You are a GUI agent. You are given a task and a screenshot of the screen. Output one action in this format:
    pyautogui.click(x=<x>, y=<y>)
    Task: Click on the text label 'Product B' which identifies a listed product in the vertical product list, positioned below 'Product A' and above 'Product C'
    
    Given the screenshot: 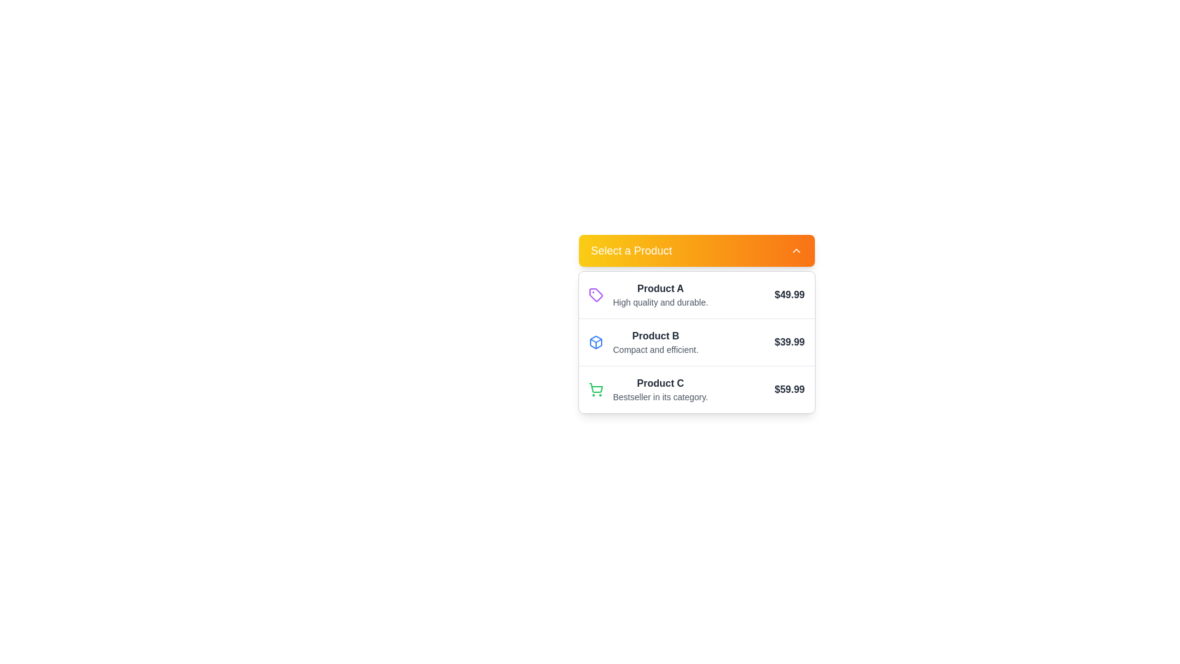 What is the action you would take?
    pyautogui.click(x=655, y=336)
    